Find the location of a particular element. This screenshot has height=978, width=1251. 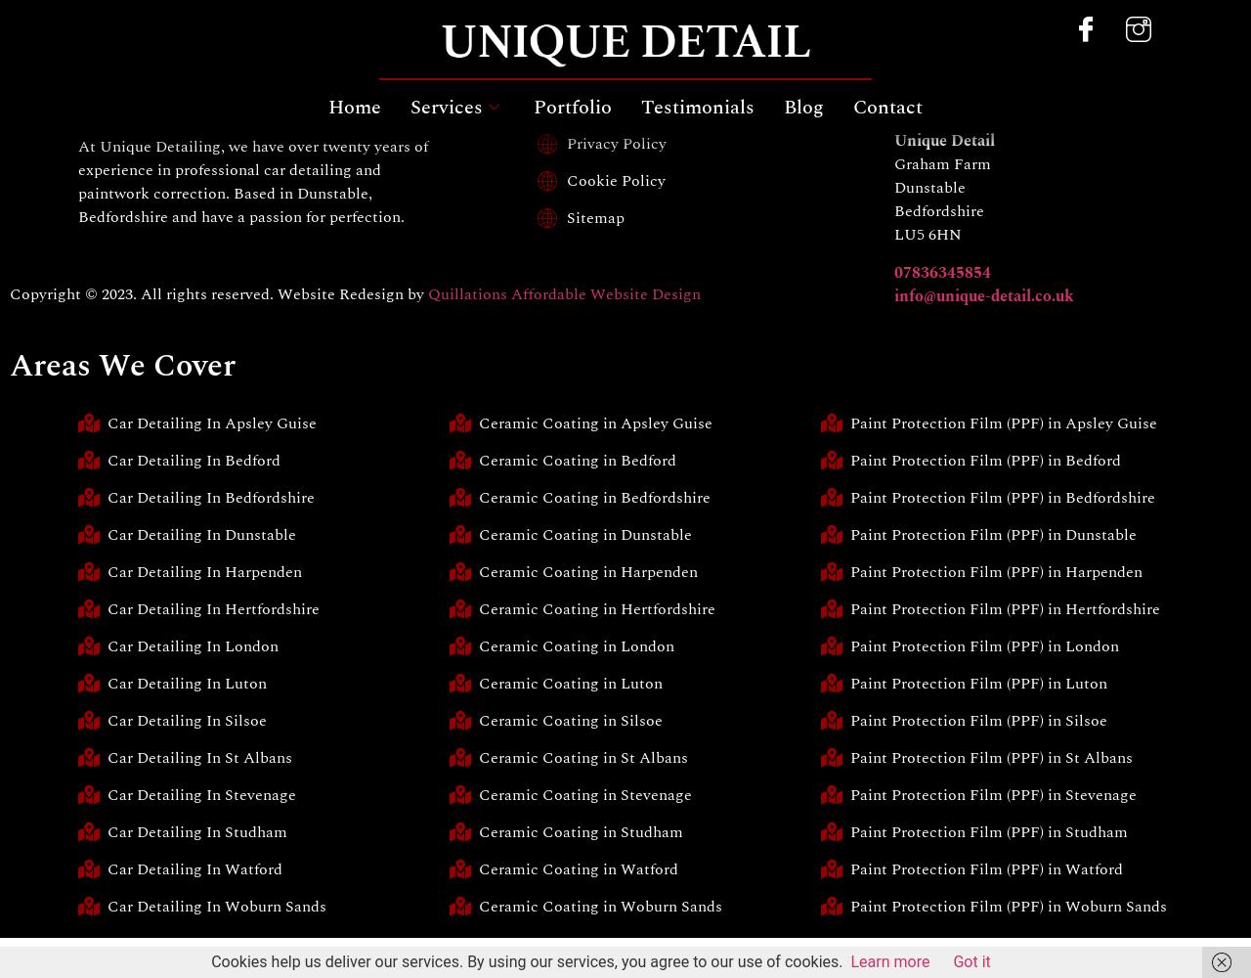

'Ceramic Coating in Luton' is located at coordinates (569, 683).